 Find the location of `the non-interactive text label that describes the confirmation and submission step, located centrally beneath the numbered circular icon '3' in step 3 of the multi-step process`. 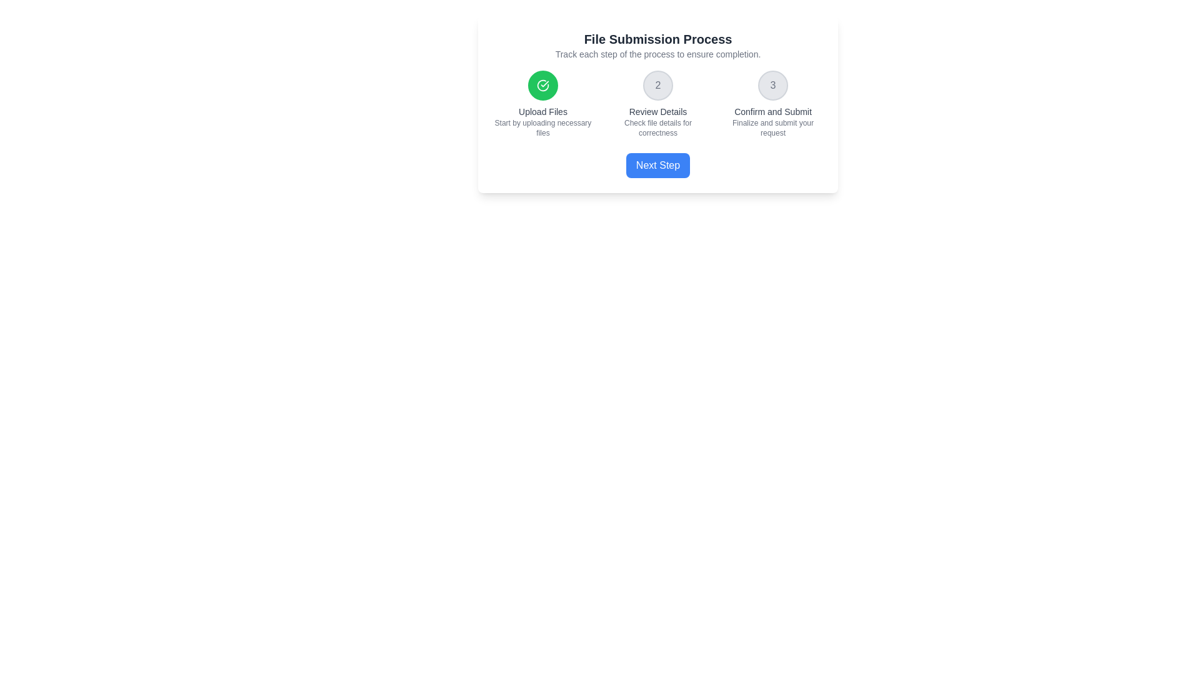

the non-interactive text label that describes the confirmation and submission step, located centrally beneath the numbered circular icon '3' in step 3 of the multi-step process is located at coordinates (772, 111).